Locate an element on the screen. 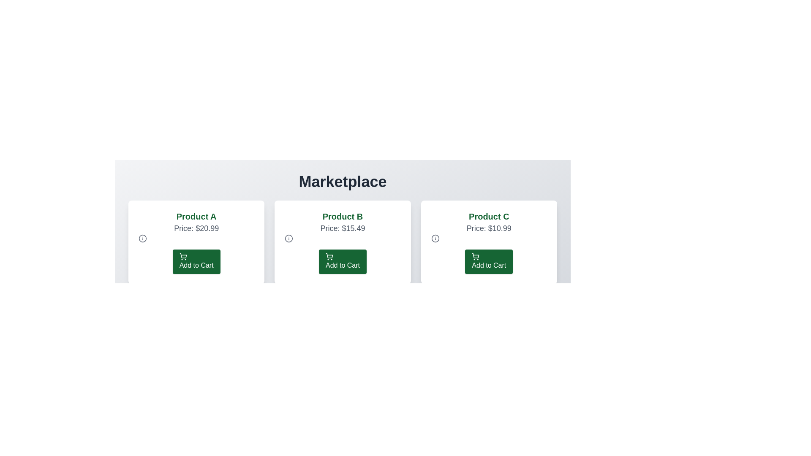 The image size is (811, 456). the 'Add to Cart' button for 'Product C' located at the bottom of its card by navigating the keyboard to it is located at coordinates (489, 261).